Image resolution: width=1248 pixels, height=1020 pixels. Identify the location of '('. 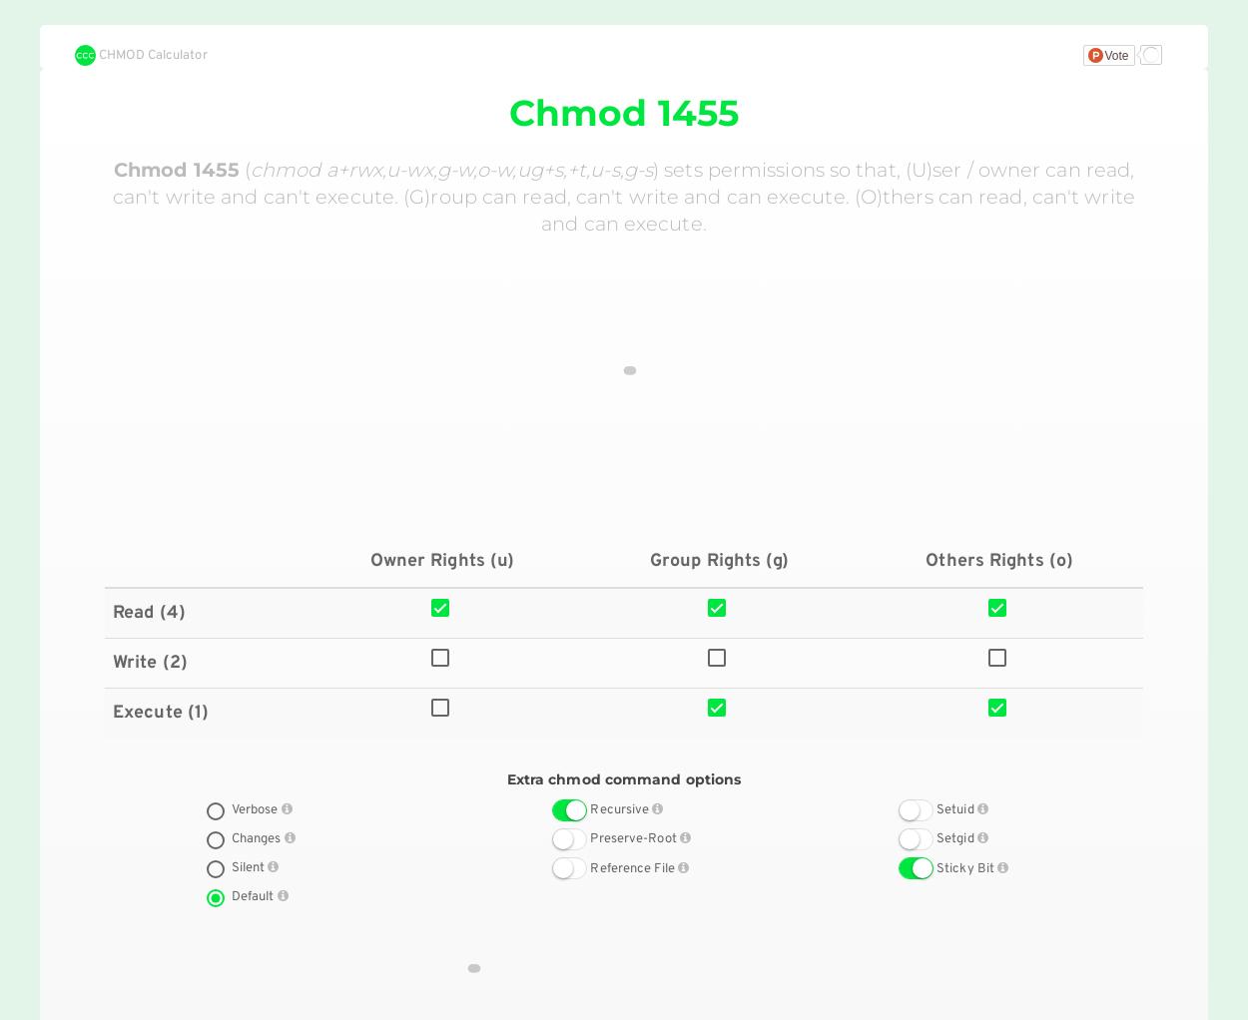
(238, 168).